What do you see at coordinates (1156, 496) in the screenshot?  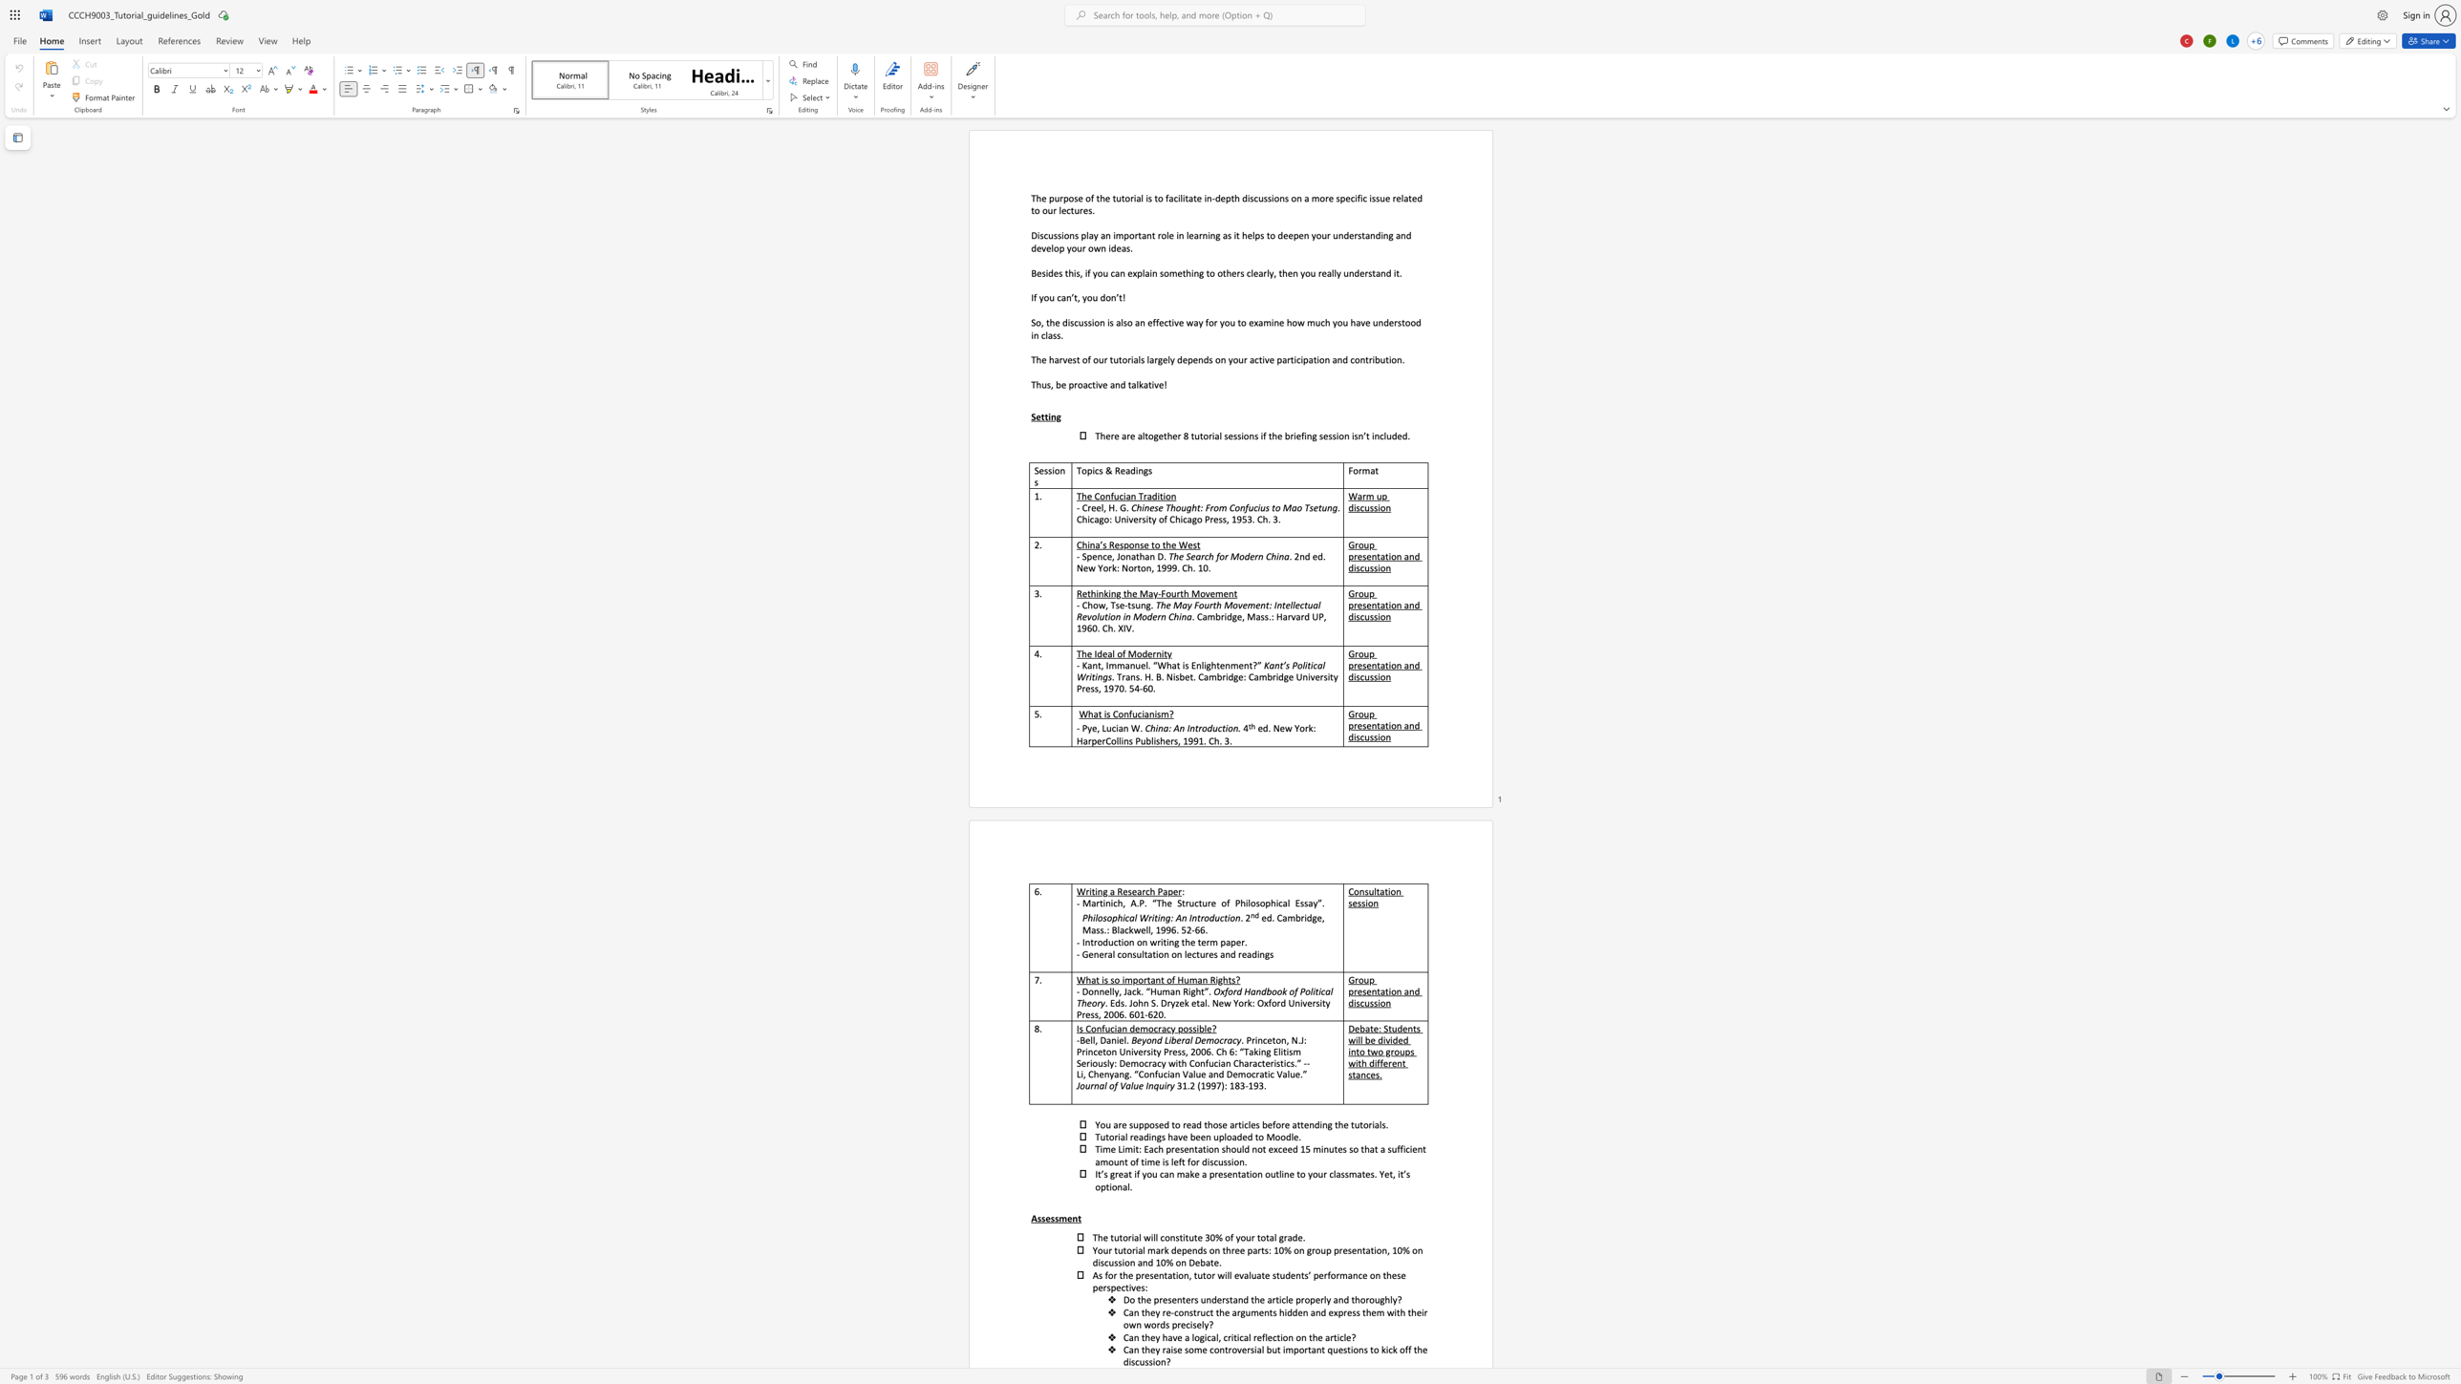 I see `the space between the continuous character "d" and "i" in the text` at bounding box center [1156, 496].